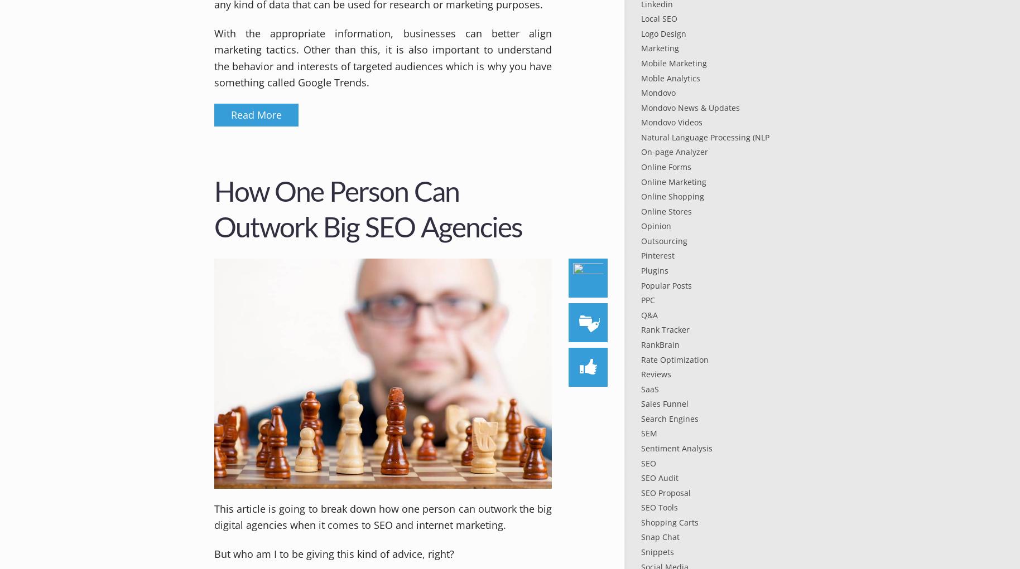  I want to click on 'Plugins', so click(654, 270).